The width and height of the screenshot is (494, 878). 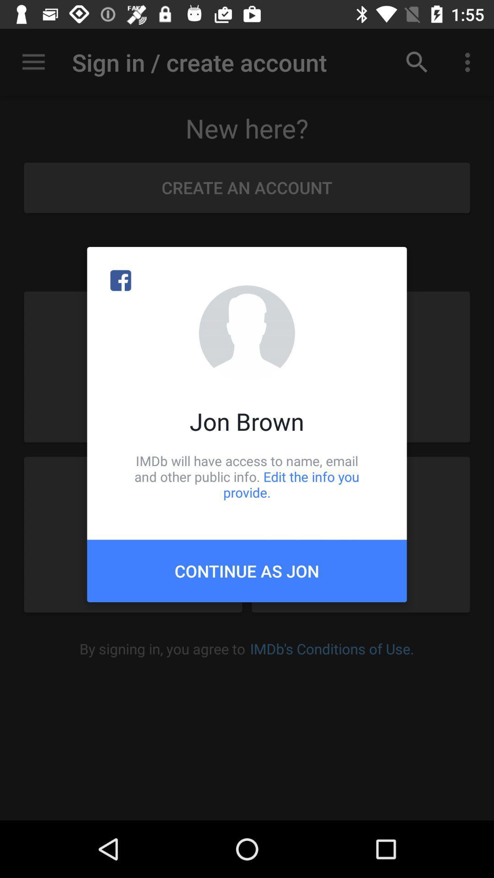 I want to click on the item below jon brown icon, so click(x=247, y=476).